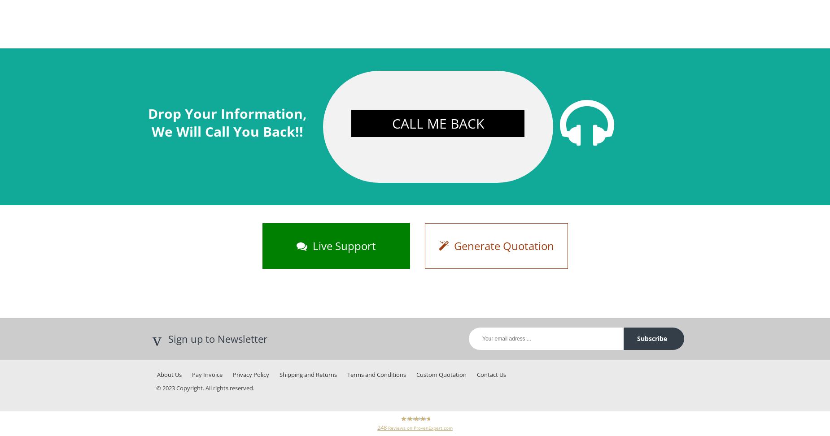 This screenshot has height=436, width=830. What do you see at coordinates (227, 131) in the screenshot?
I see `'We will Call You Back!!'` at bounding box center [227, 131].